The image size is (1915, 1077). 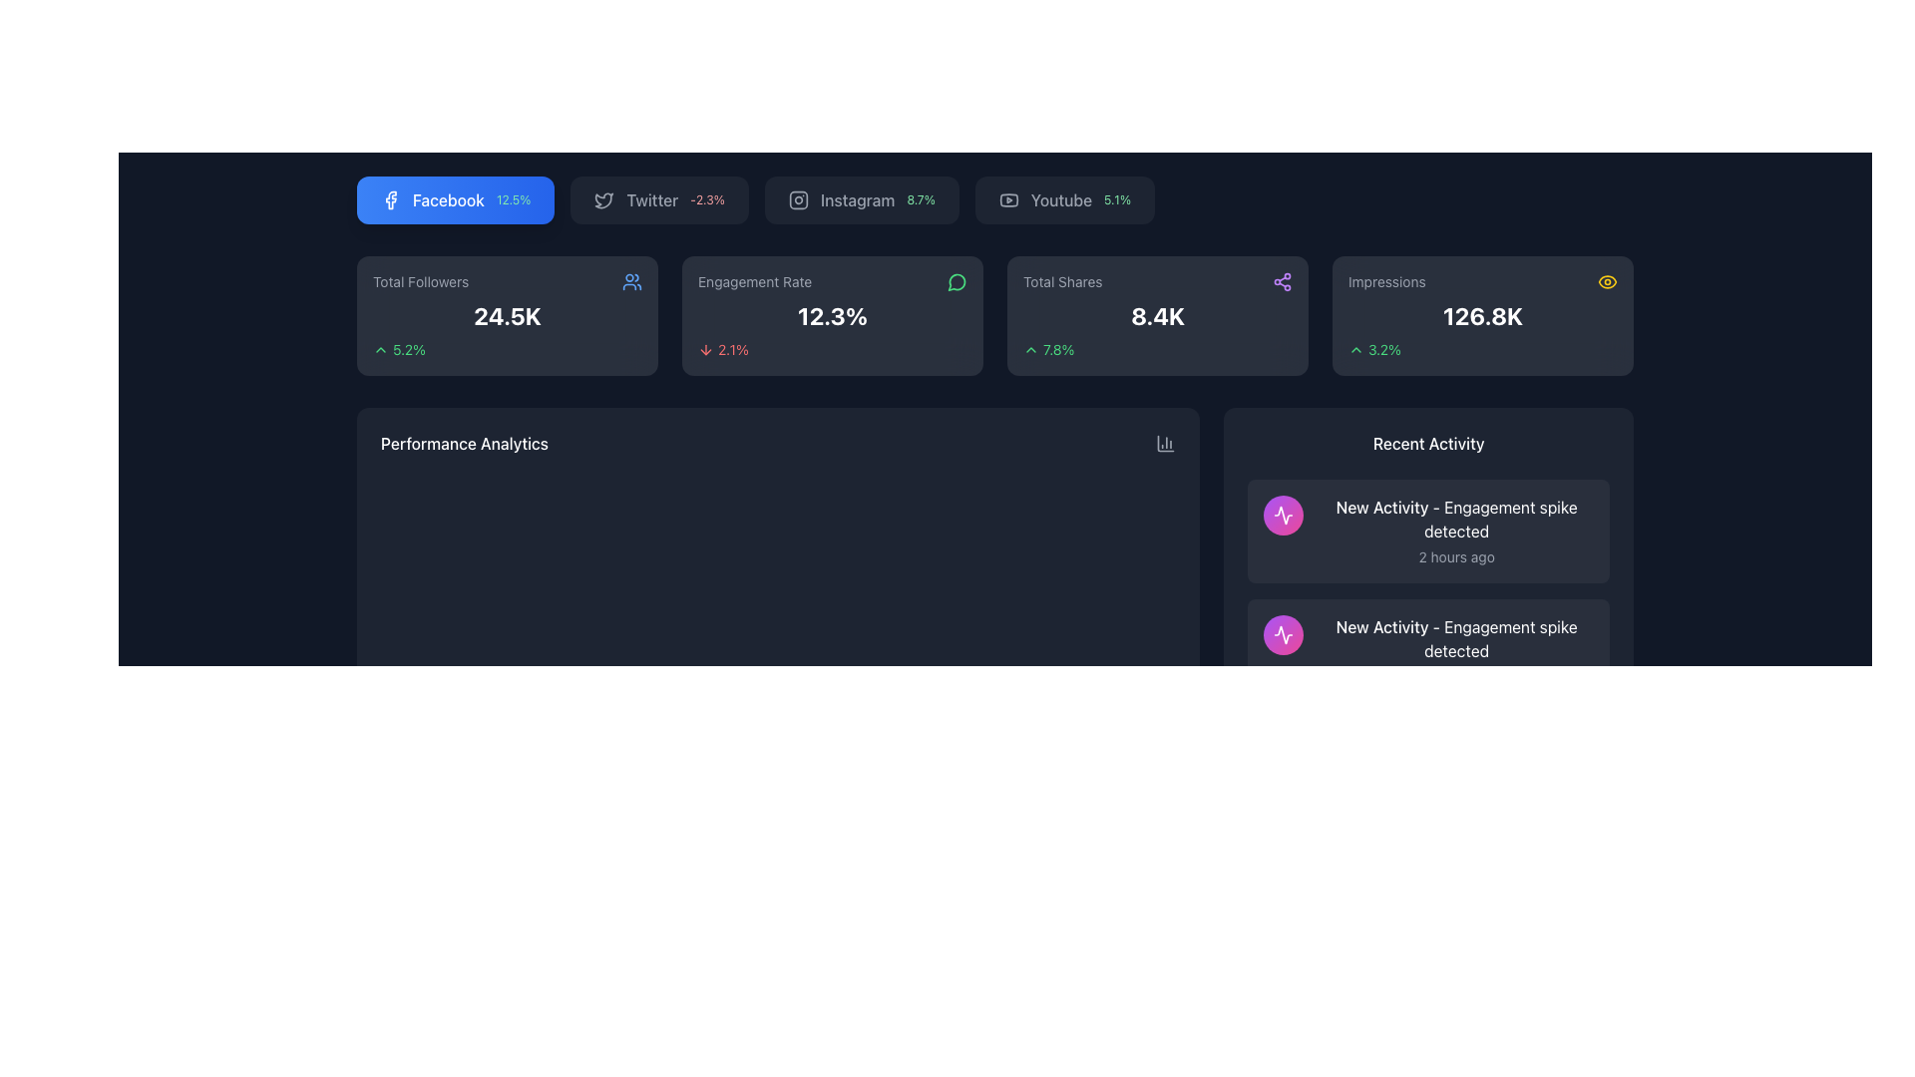 I want to click on the text '24.5K' that is displayed in a bold font with white color on a dark background, located within the card labeled 'Total Followers' and positioned between the header text and a percentage change indicator, so click(x=507, y=314).